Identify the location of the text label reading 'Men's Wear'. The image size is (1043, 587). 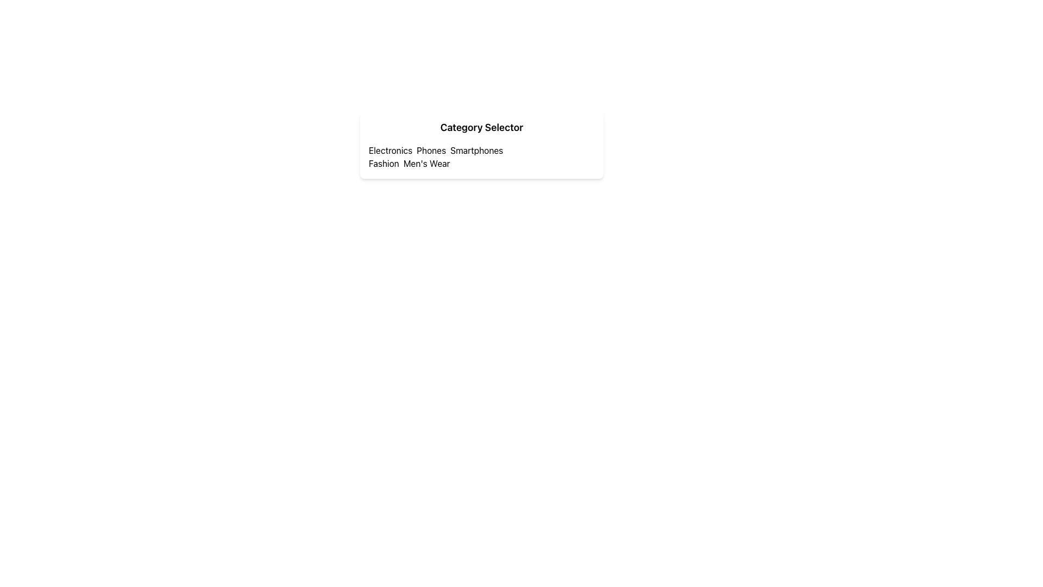
(426, 163).